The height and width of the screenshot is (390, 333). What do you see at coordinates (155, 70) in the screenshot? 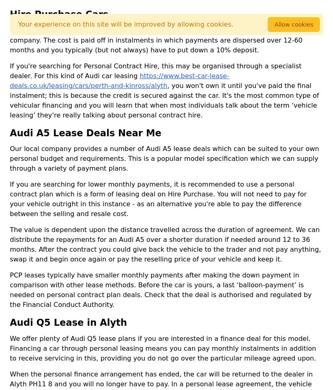
I see `'If you're searching for Personal Contract Hire, this may be organised through a specialist dealer. For this kind of Audi car leasing'` at bounding box center [155, 70].